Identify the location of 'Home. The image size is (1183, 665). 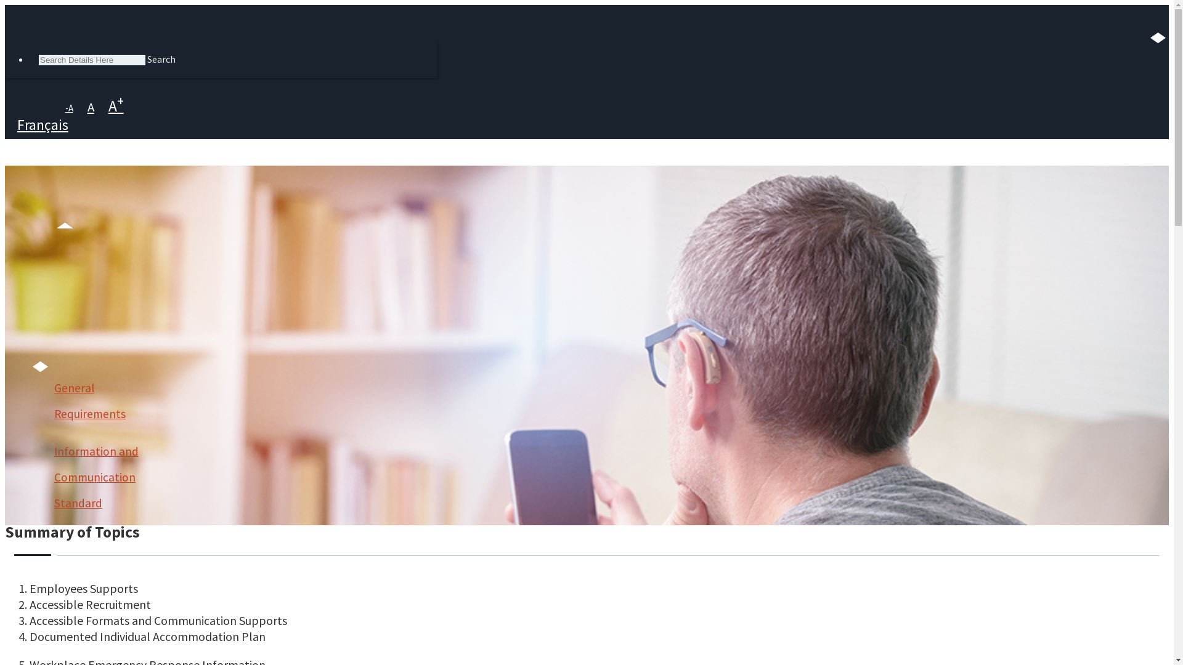
(49, 301).